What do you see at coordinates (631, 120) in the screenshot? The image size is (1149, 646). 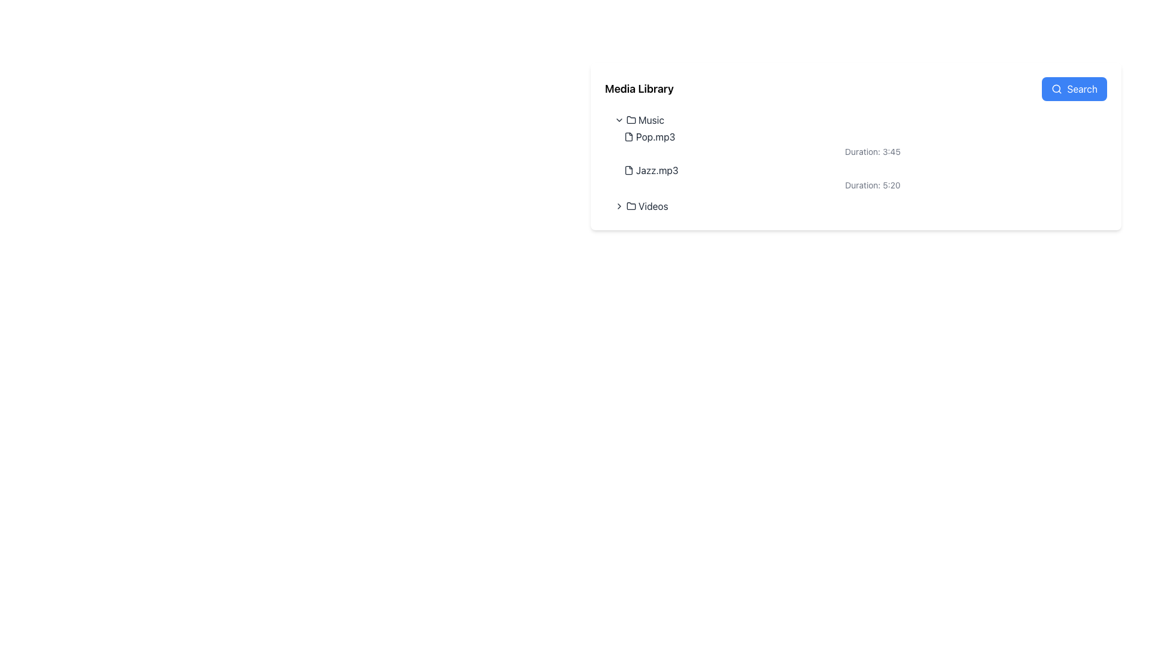 I see `the small folder icon located in the Media Library panel, adjacent to the 'Music' label` at bounding box center [631, 120].